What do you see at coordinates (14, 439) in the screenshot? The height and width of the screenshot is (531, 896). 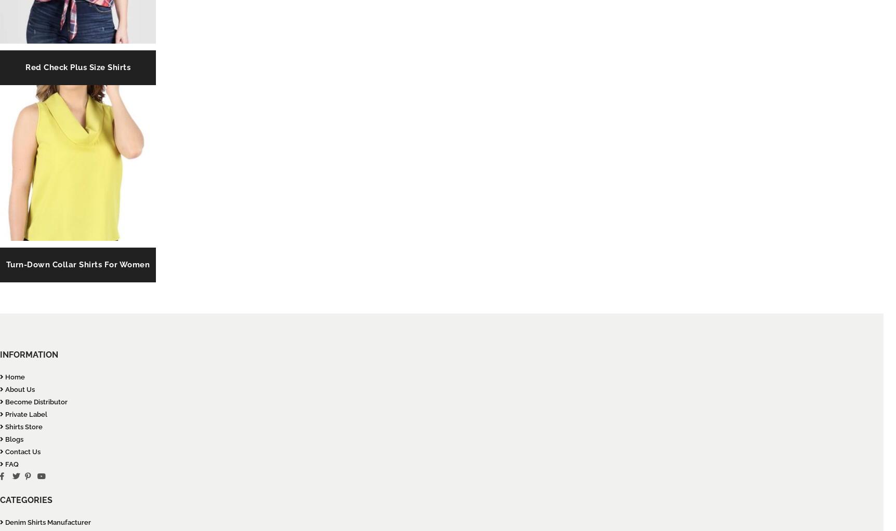 I see `'Blogs'` at bounding box center [14, 439].